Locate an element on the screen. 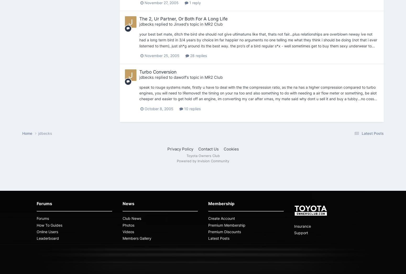 This screenshot has height=274, width=406. 'dawolf' is located at coordinates (179, 77).